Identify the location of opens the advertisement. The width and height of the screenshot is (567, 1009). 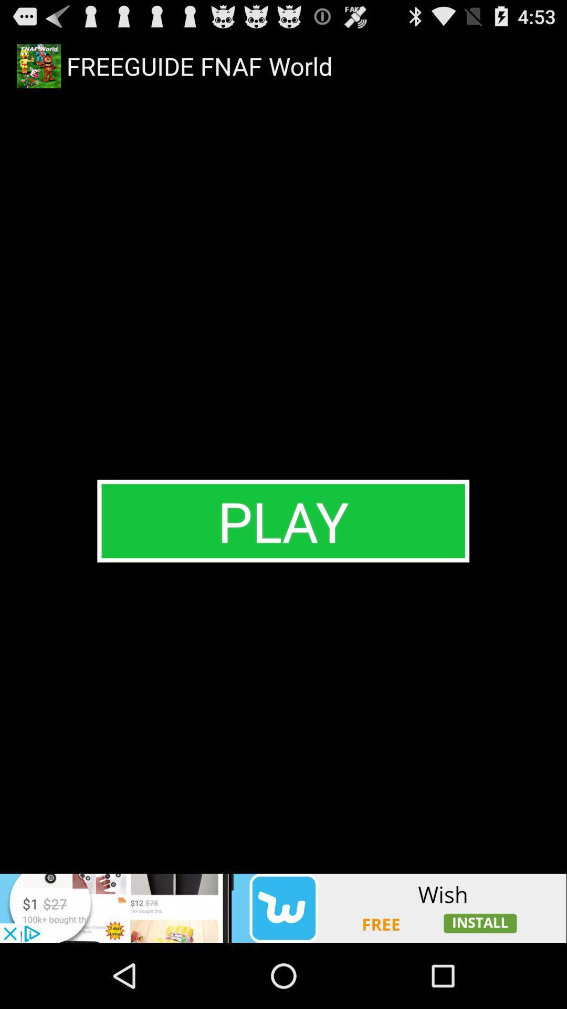
(283, 908).